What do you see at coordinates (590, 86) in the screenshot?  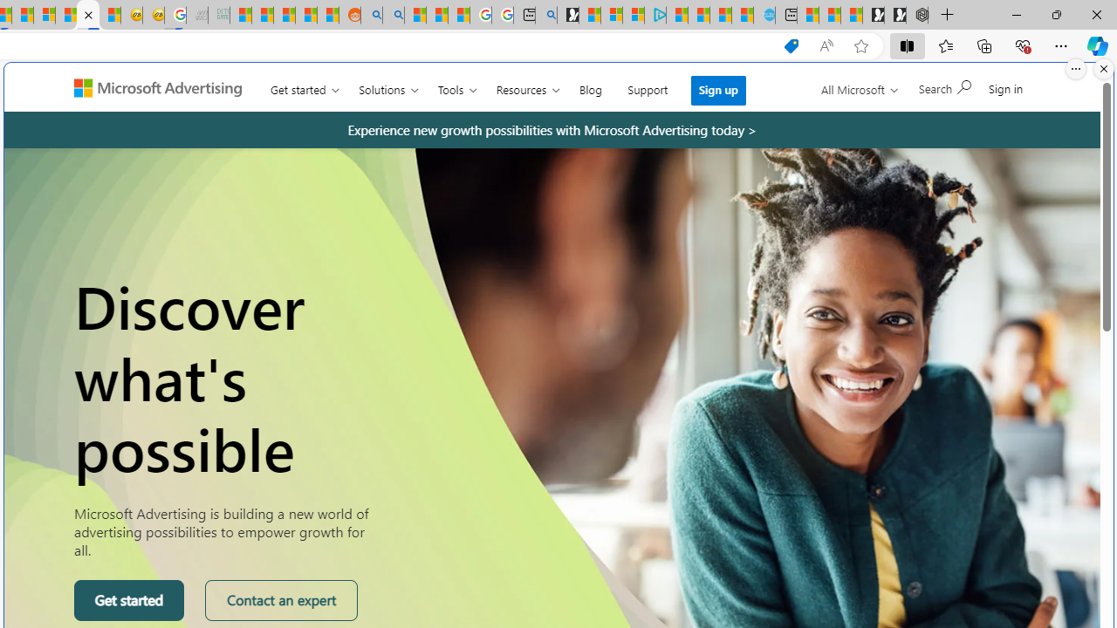 I see `'Blog'` at bounding box center [590, 86].